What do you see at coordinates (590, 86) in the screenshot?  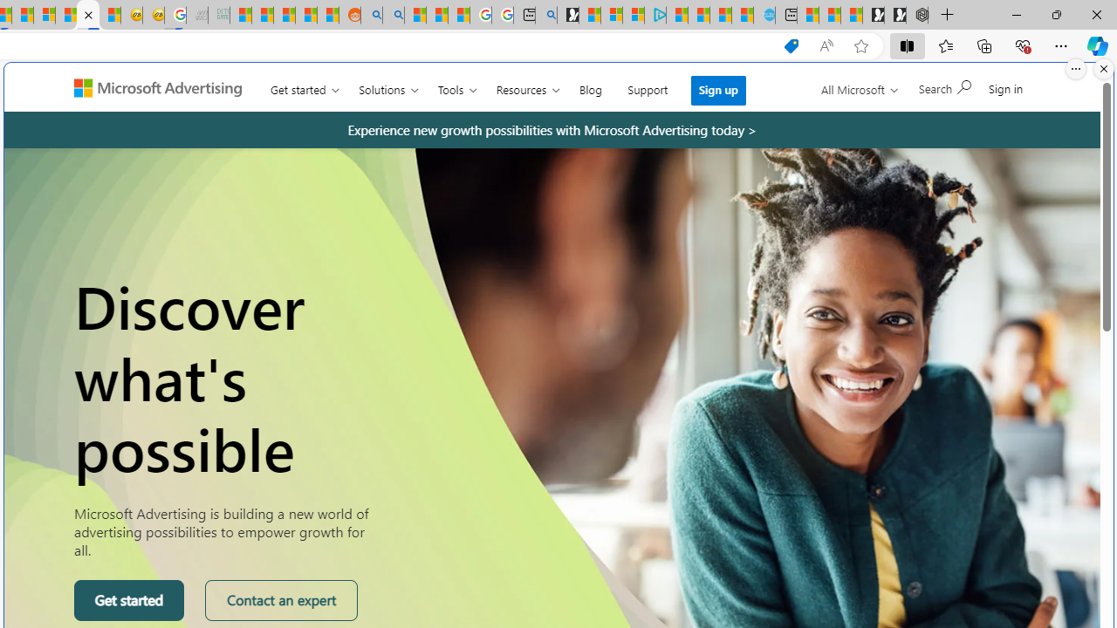 I see `'Blog'` at bounding box center [590, 86].